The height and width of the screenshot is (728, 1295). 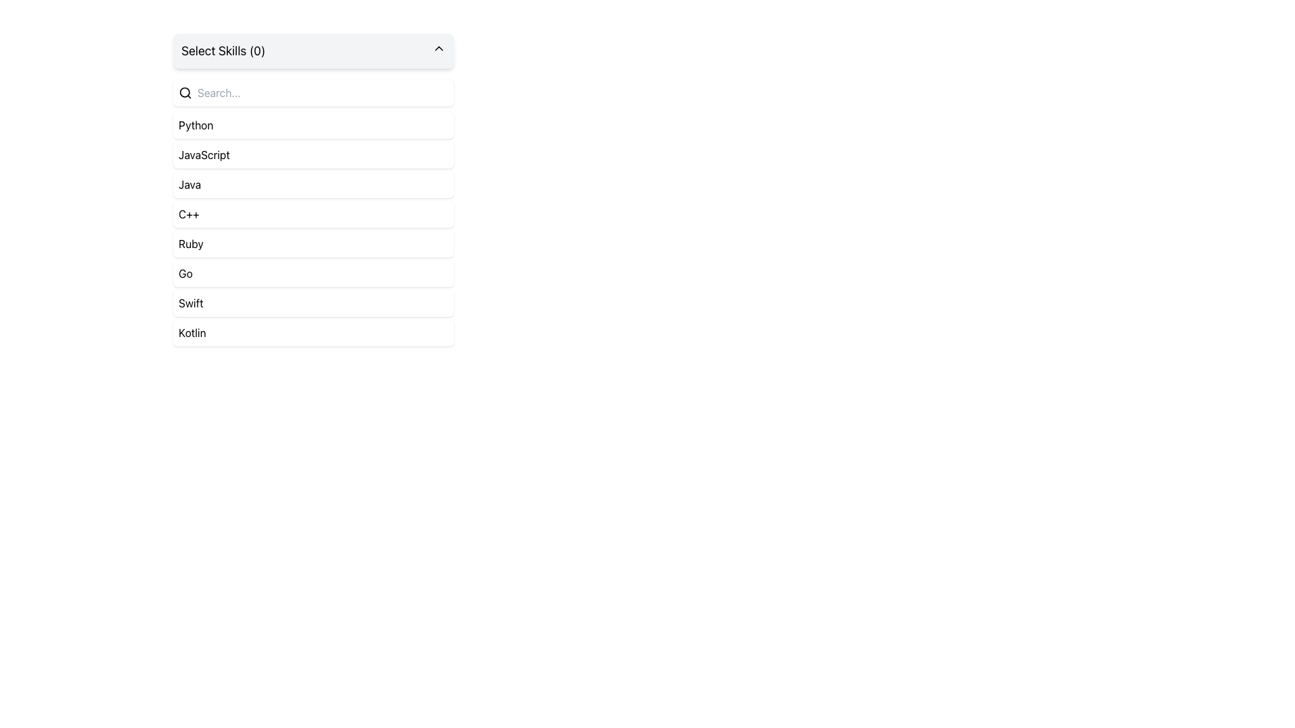 What do you see at coordinates (313, 184) in the screenshot?
I see `the 'Java' button-like list item in the programming languages selection menu` at bounding box center [313, 184].